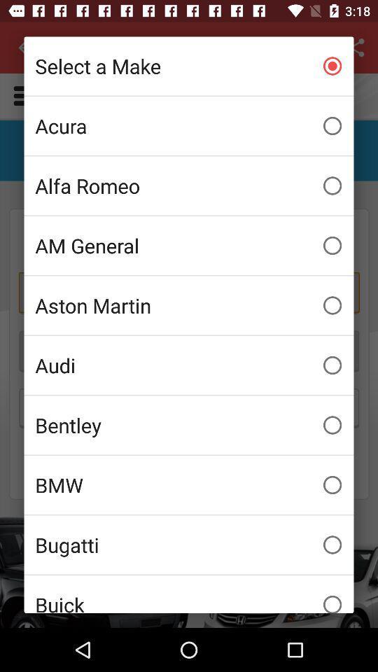  Describe the element at coordinates (189, 66) in the screenshot. I see `the select a make item` at that location.